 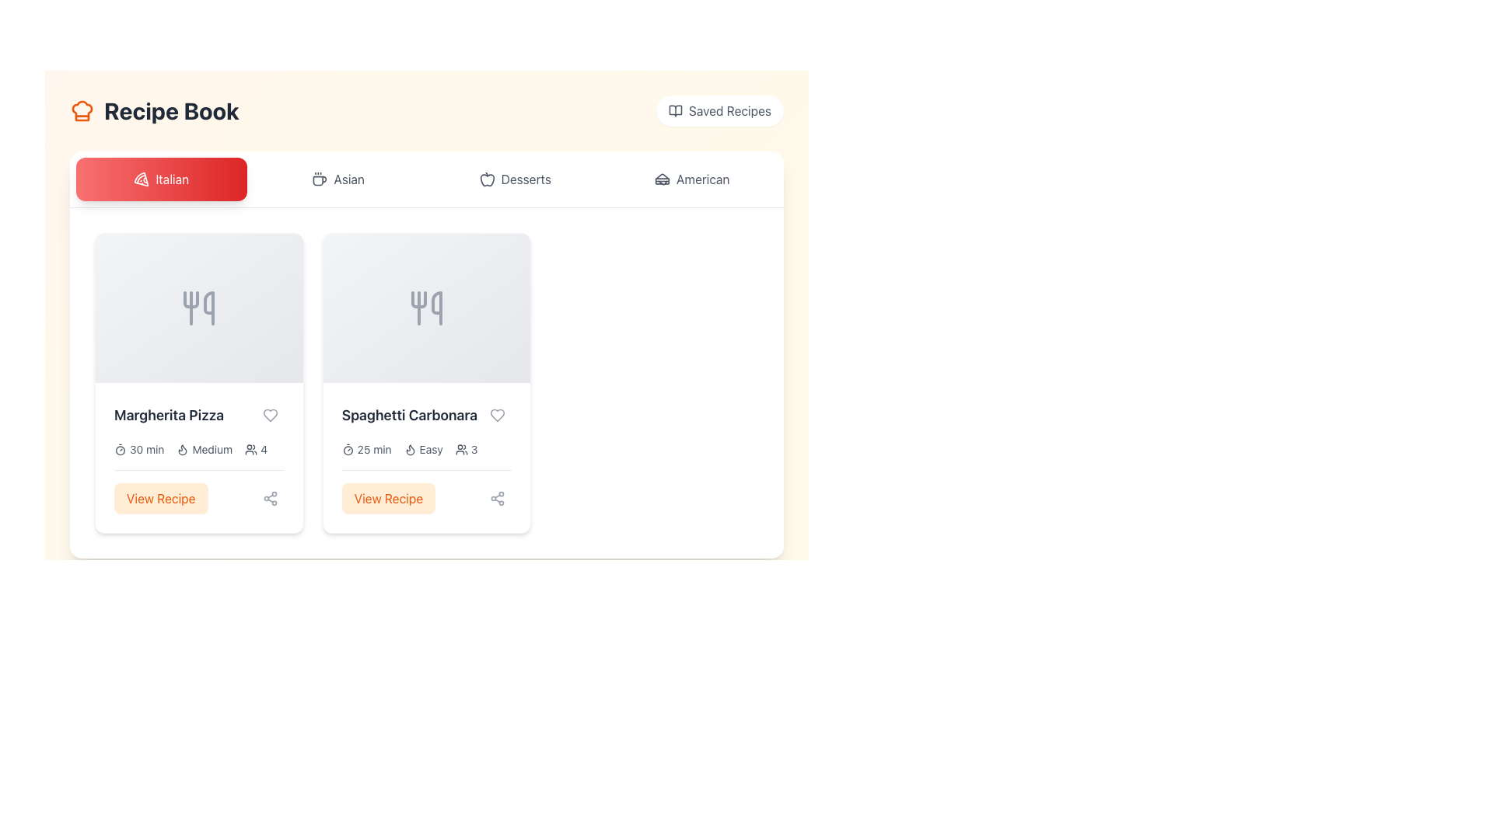 What do you see at coordinates (337, 179) in the screenshot?
I see `the Asian cuisine button located in the header section, second from the left` at bounding box center [337, 179].